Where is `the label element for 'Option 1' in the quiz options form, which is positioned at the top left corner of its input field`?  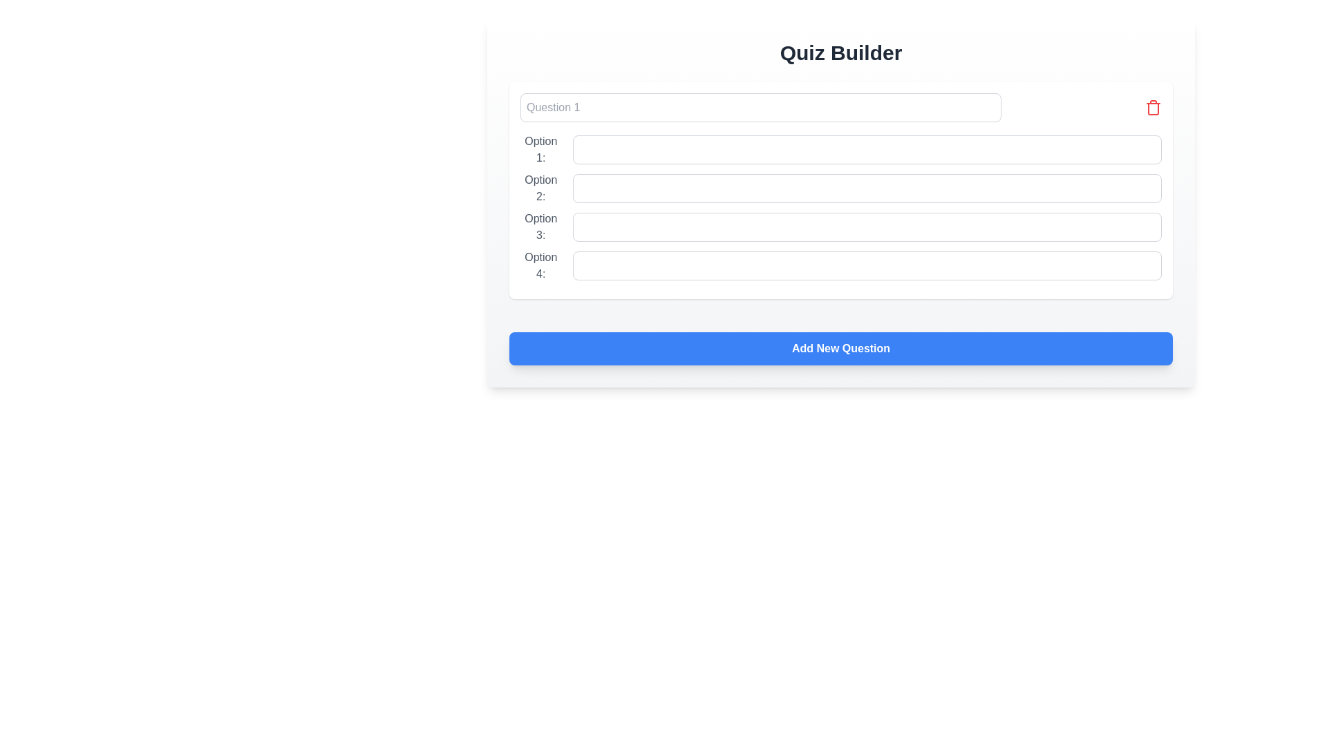
the label element for 'Option 1' in the quiz options form, which is positioned at the top left corner of its input field is located at coordinates (540, 149).